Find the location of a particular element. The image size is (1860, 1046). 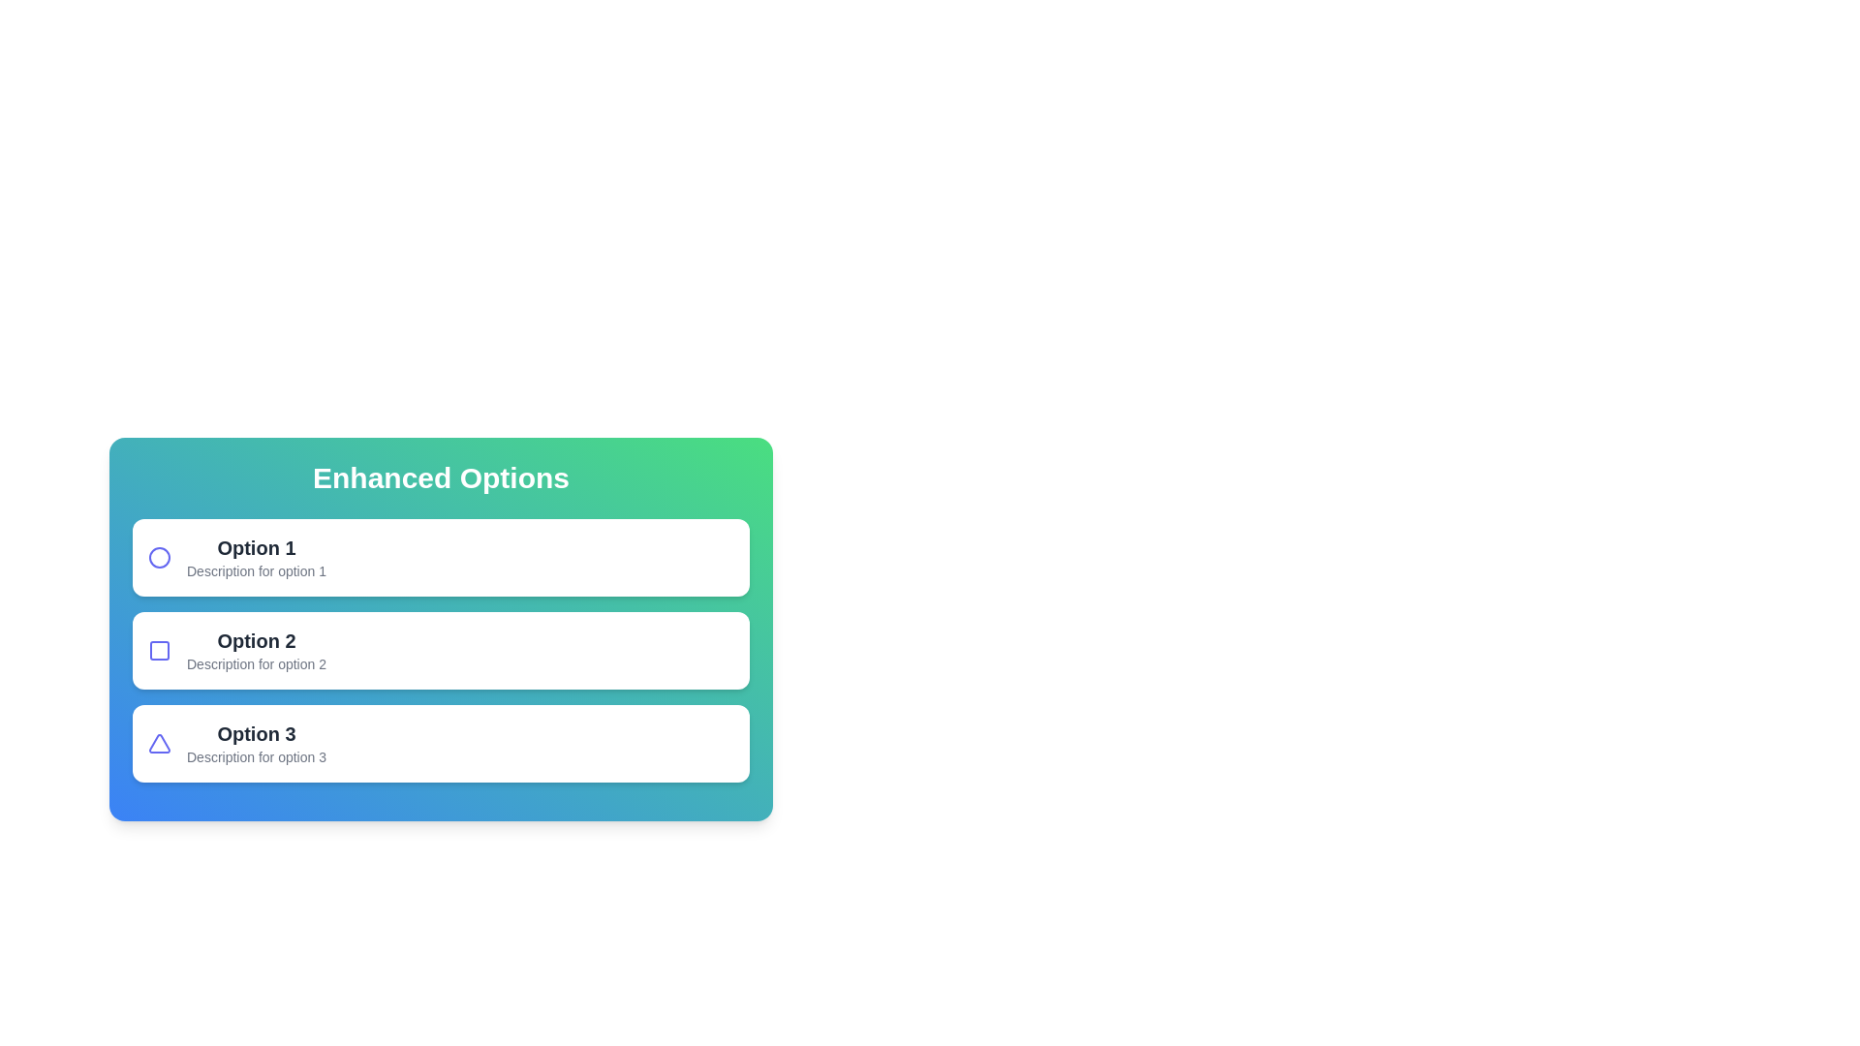

the 'Option 3' text block is located at coordinates (255, 742).